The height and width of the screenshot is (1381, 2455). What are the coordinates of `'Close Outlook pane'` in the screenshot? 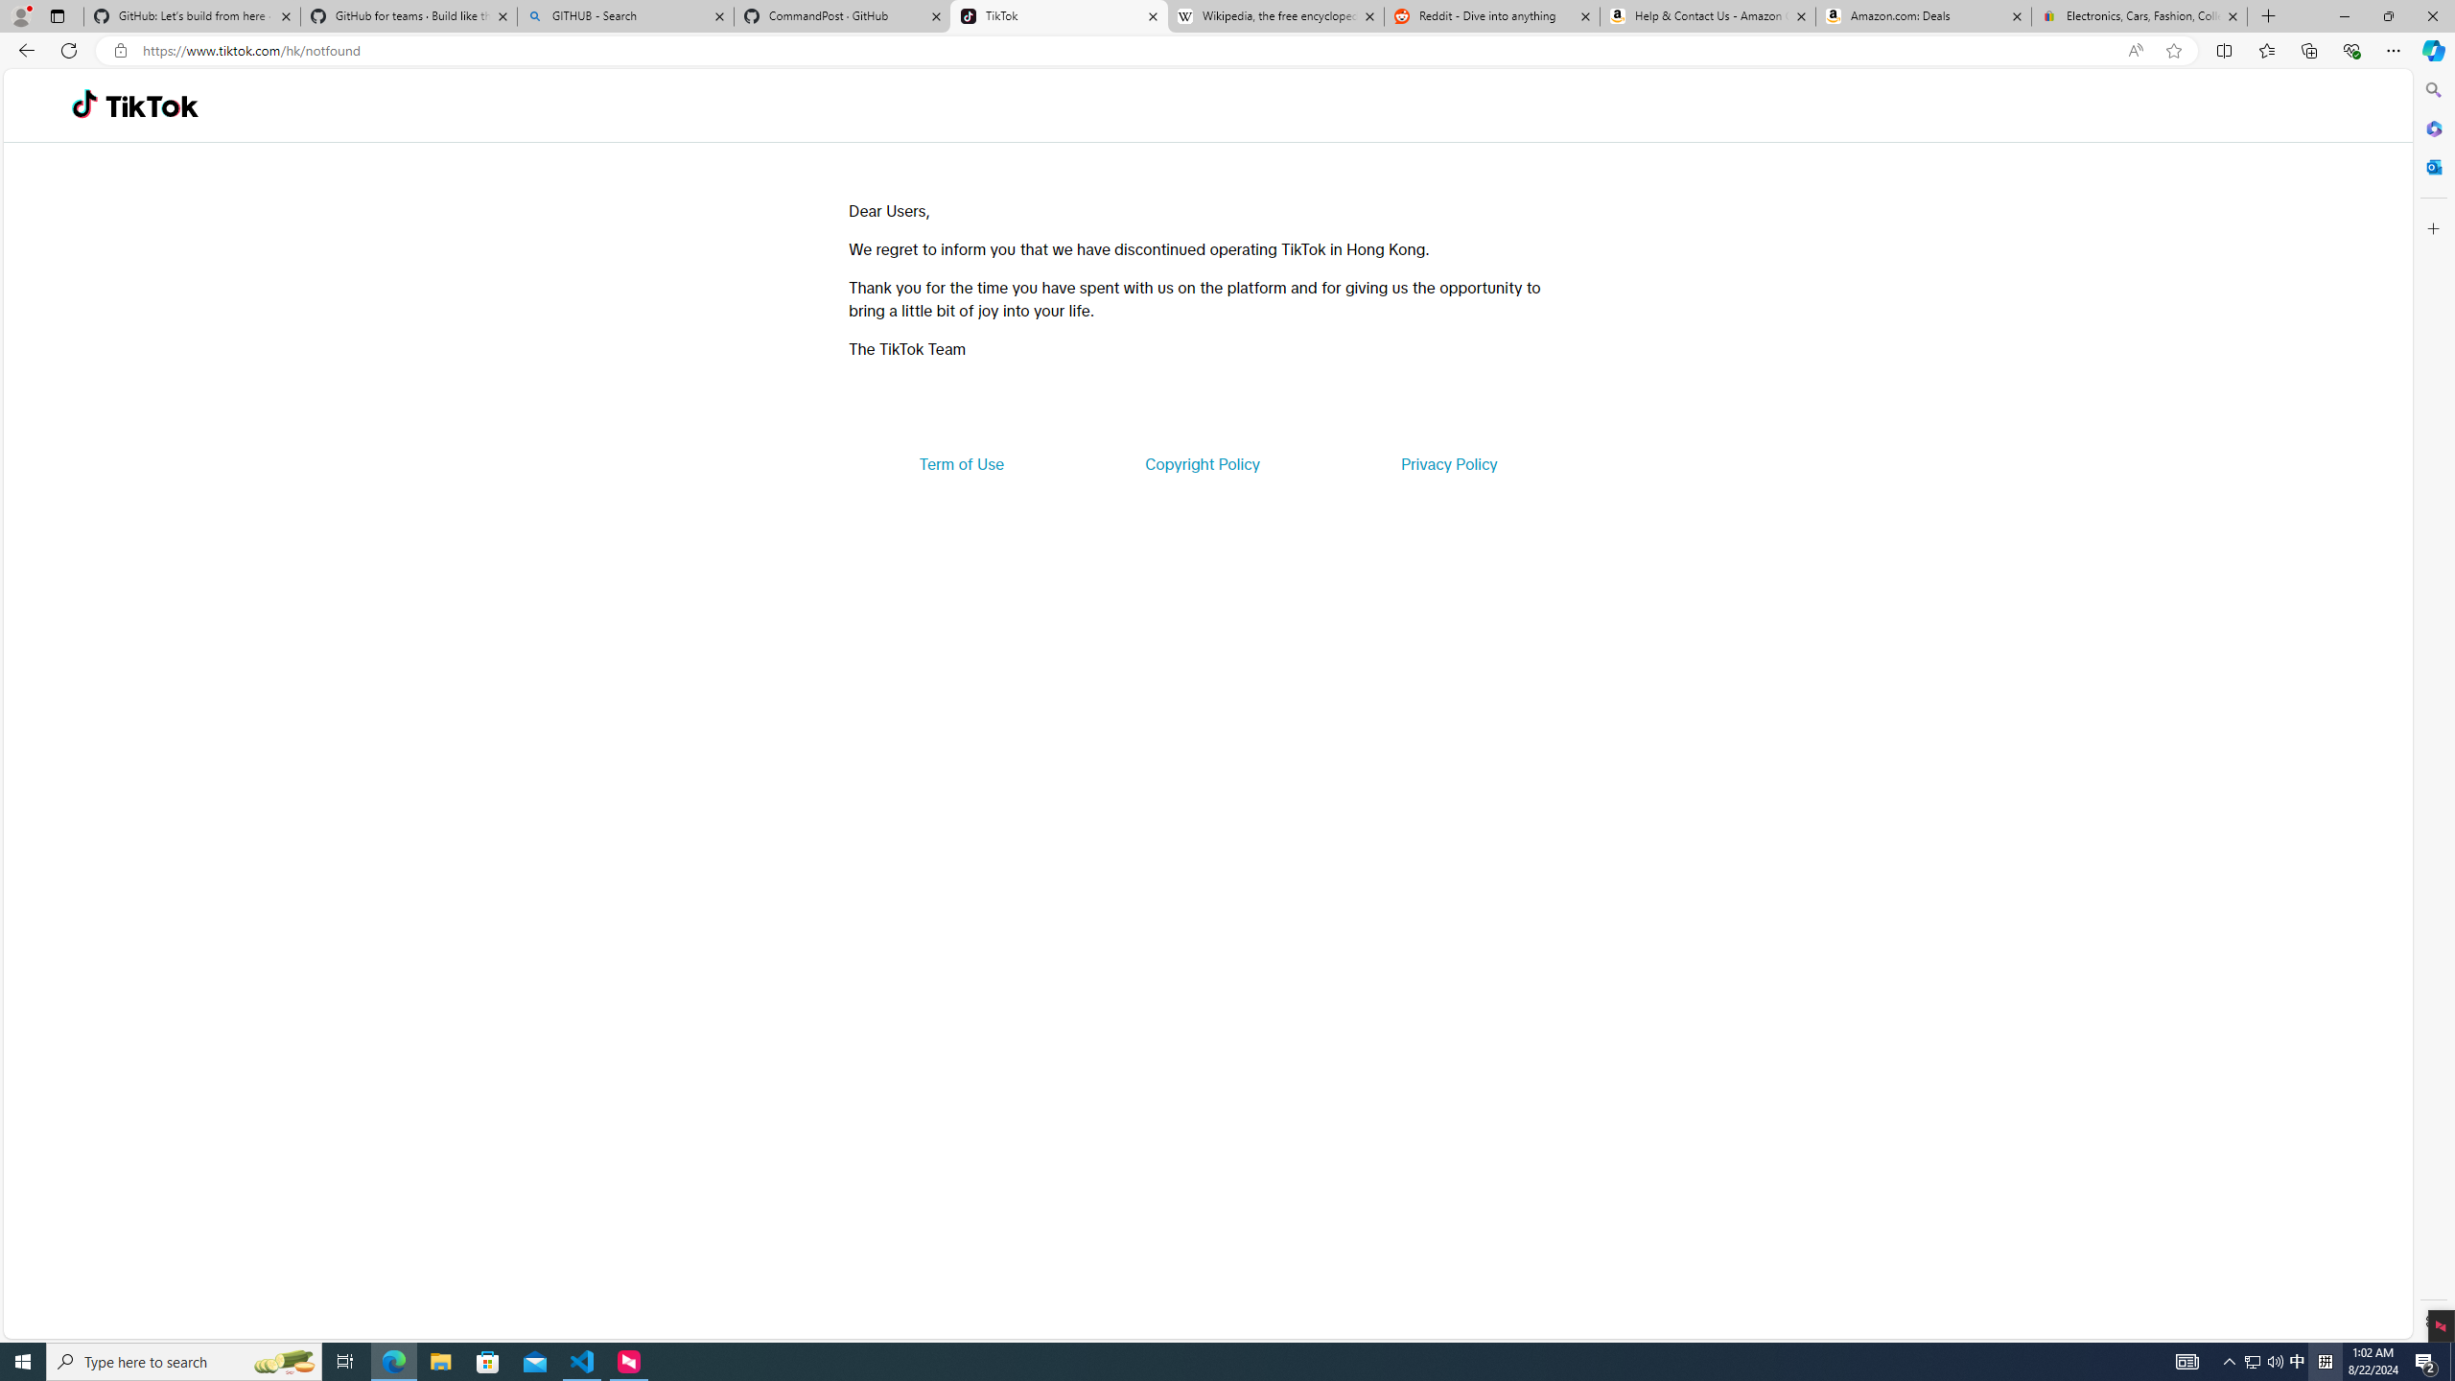 It's located at (2431, 165).